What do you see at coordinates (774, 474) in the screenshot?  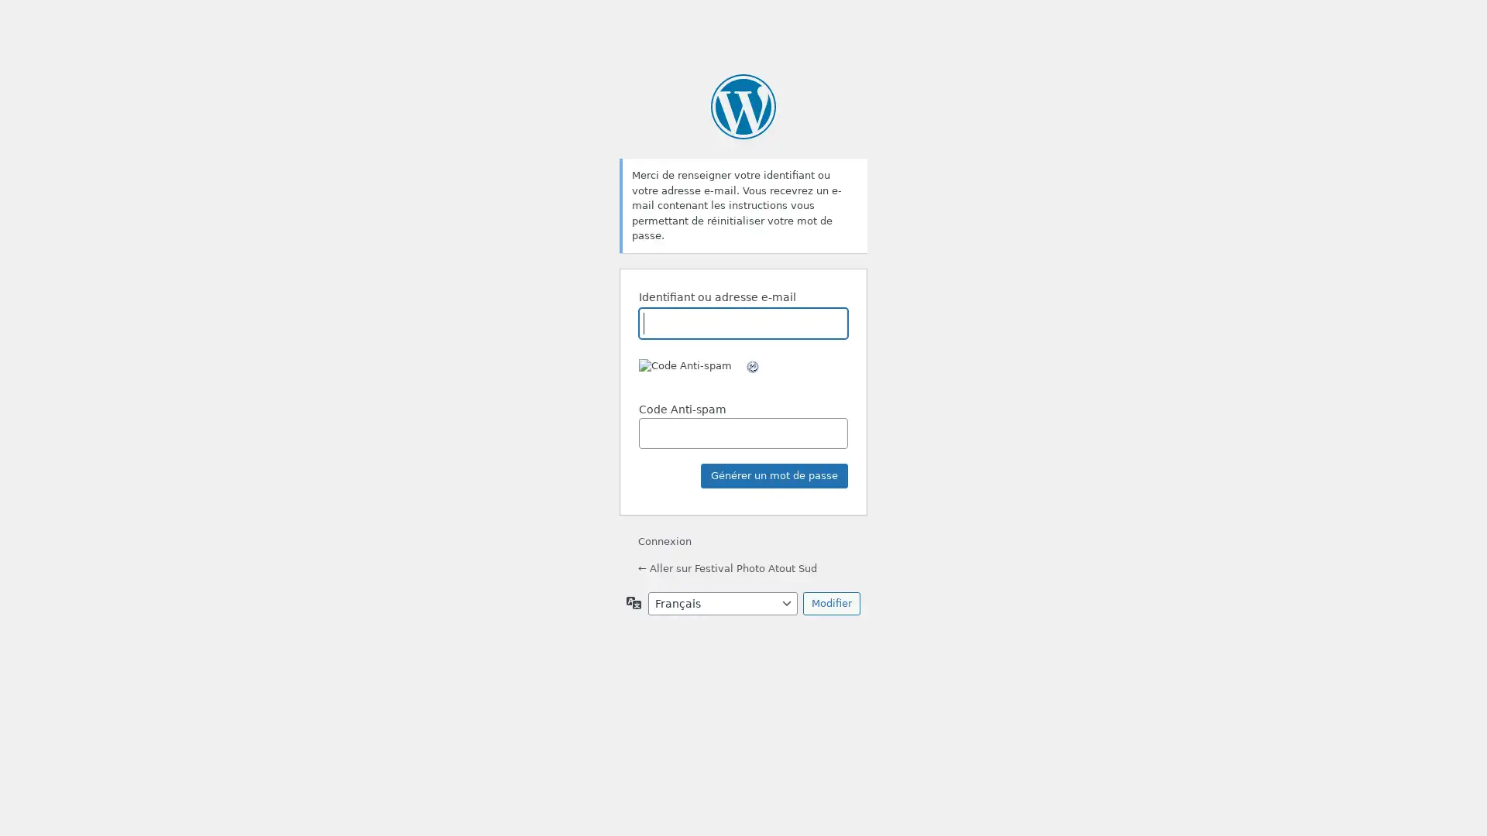 I see `Generer un mot de passe` at bounding box center [774, 474].